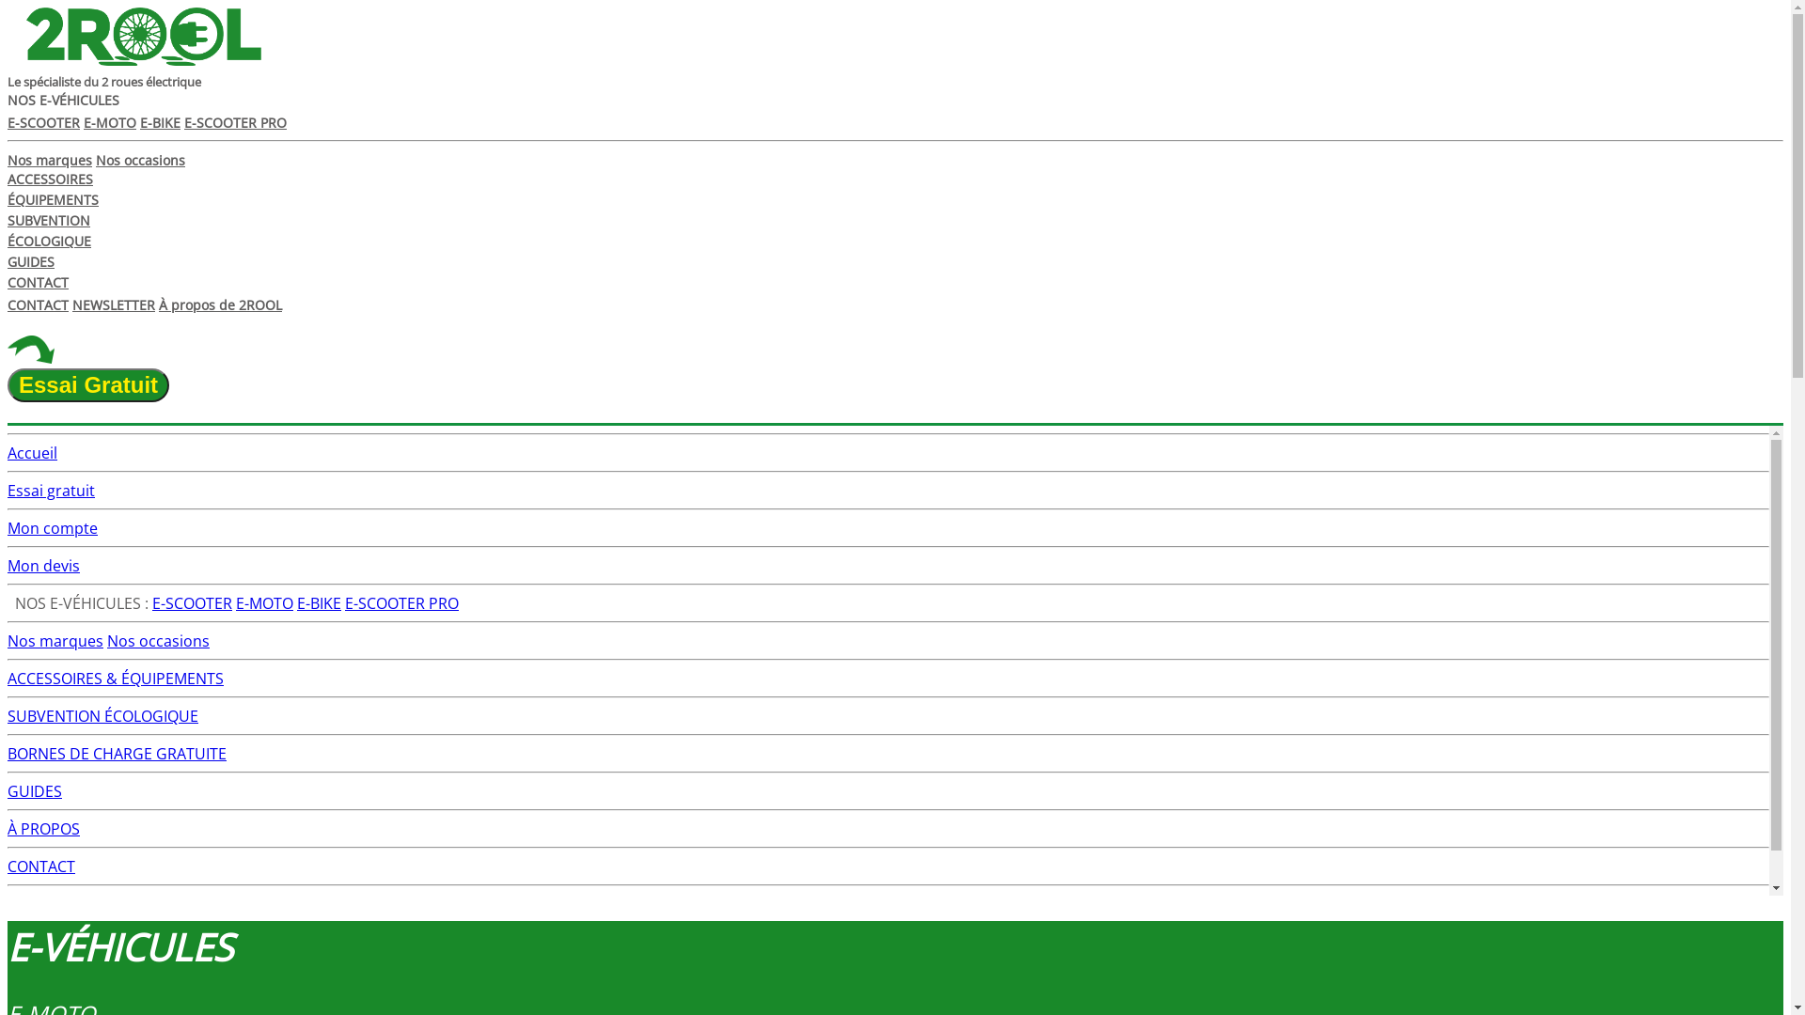  I want to click on 'Mon devis', so click(8, 564).